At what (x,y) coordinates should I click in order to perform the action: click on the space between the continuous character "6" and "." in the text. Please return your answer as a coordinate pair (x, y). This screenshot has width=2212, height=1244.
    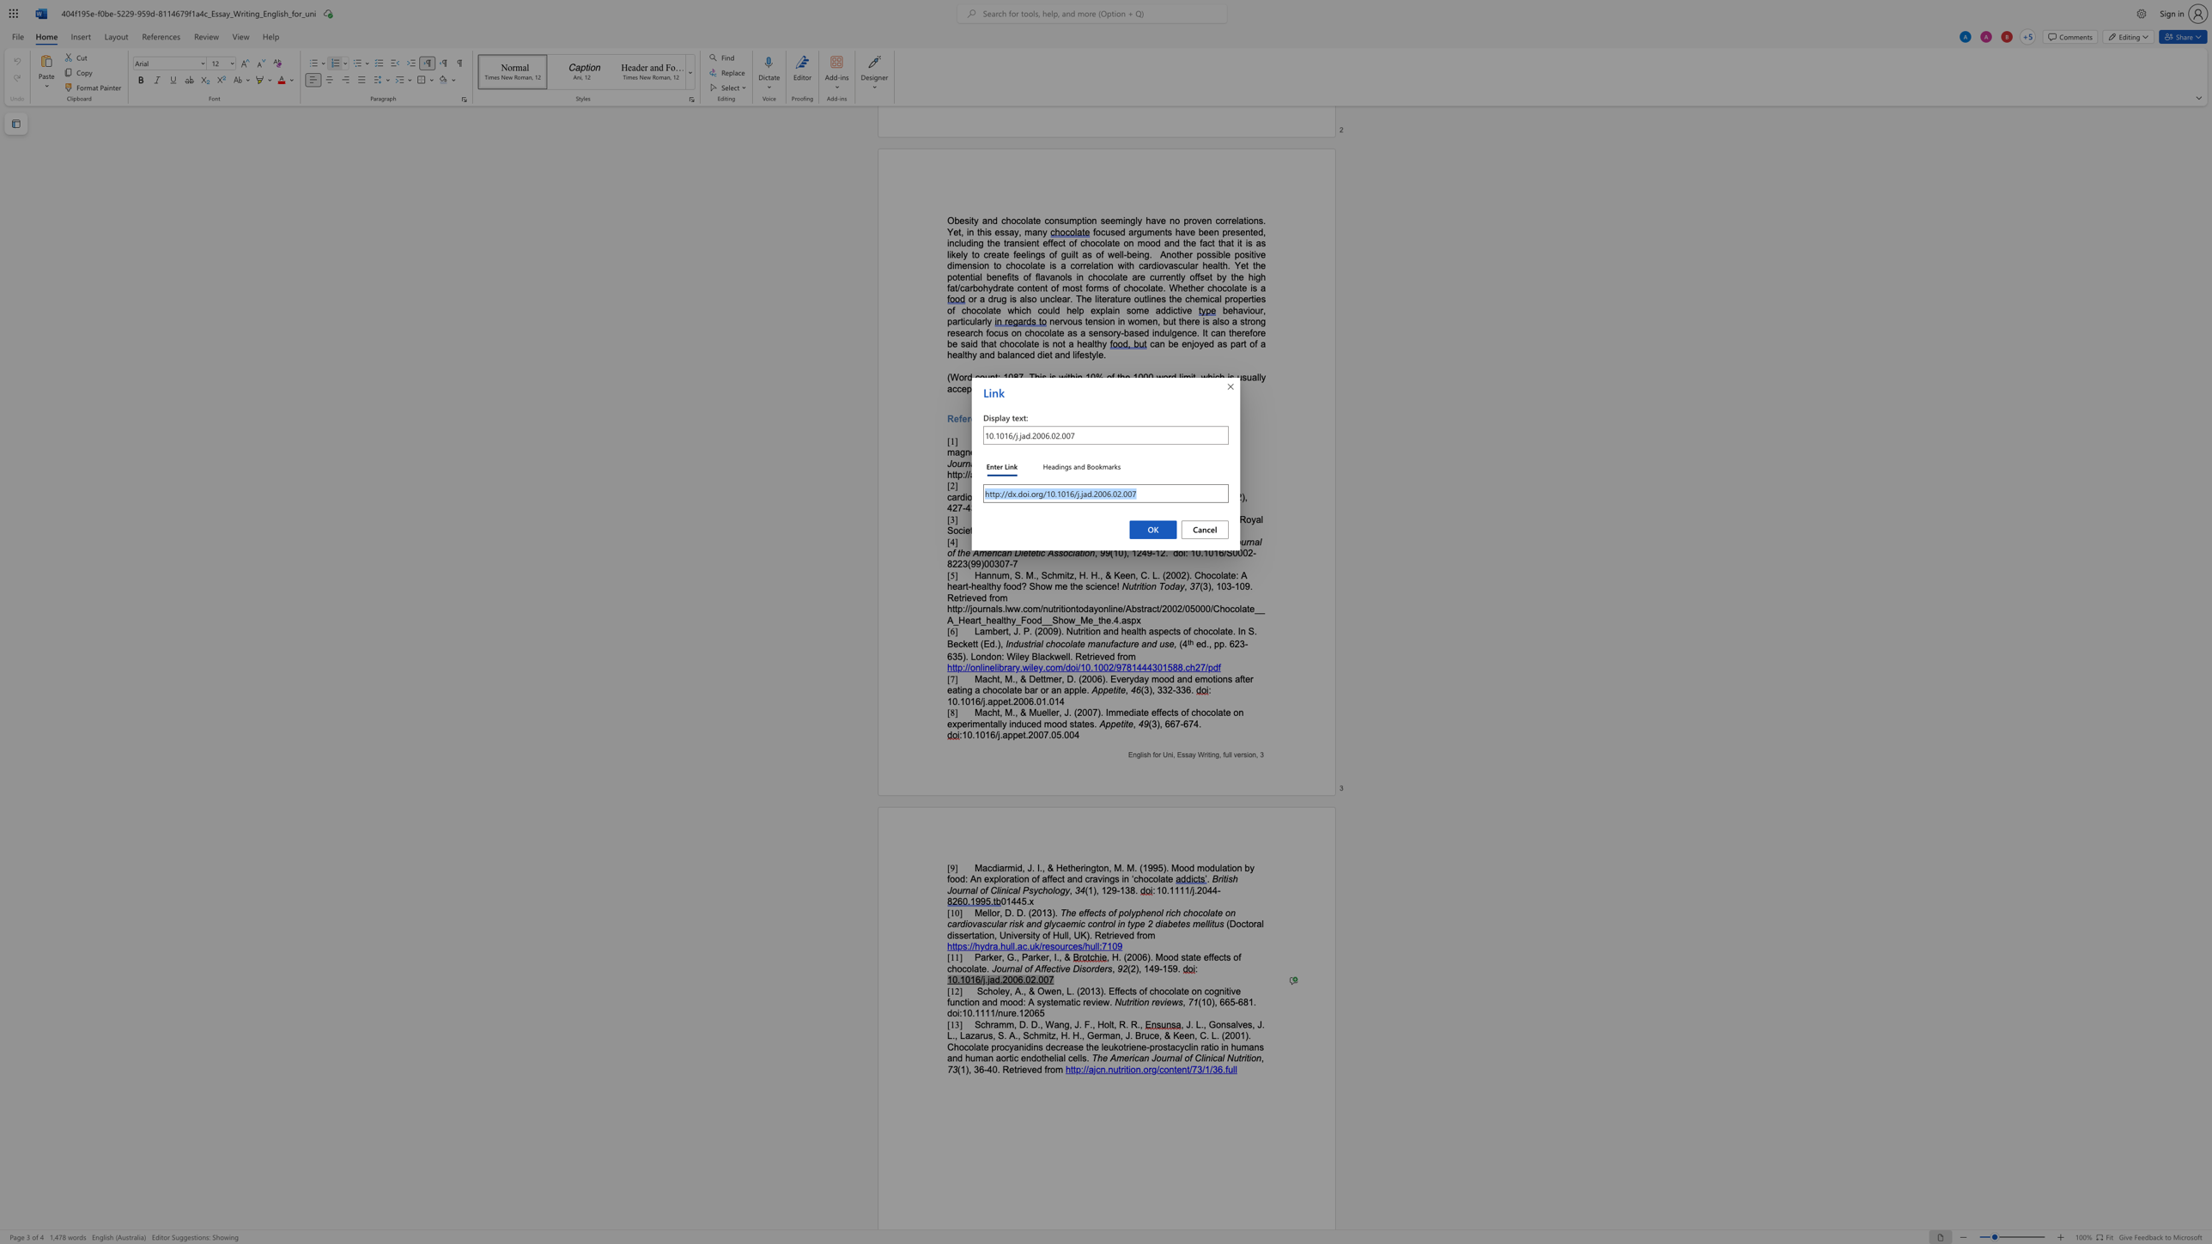
    Looking at the image, I should click on (1222, 1068).